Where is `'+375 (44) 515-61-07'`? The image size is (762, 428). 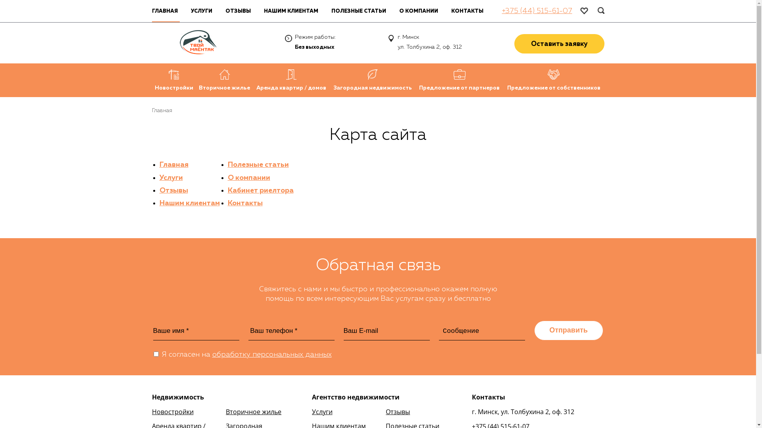 '+375 (44) 515-61-07' is located at coordinates (537, 11).